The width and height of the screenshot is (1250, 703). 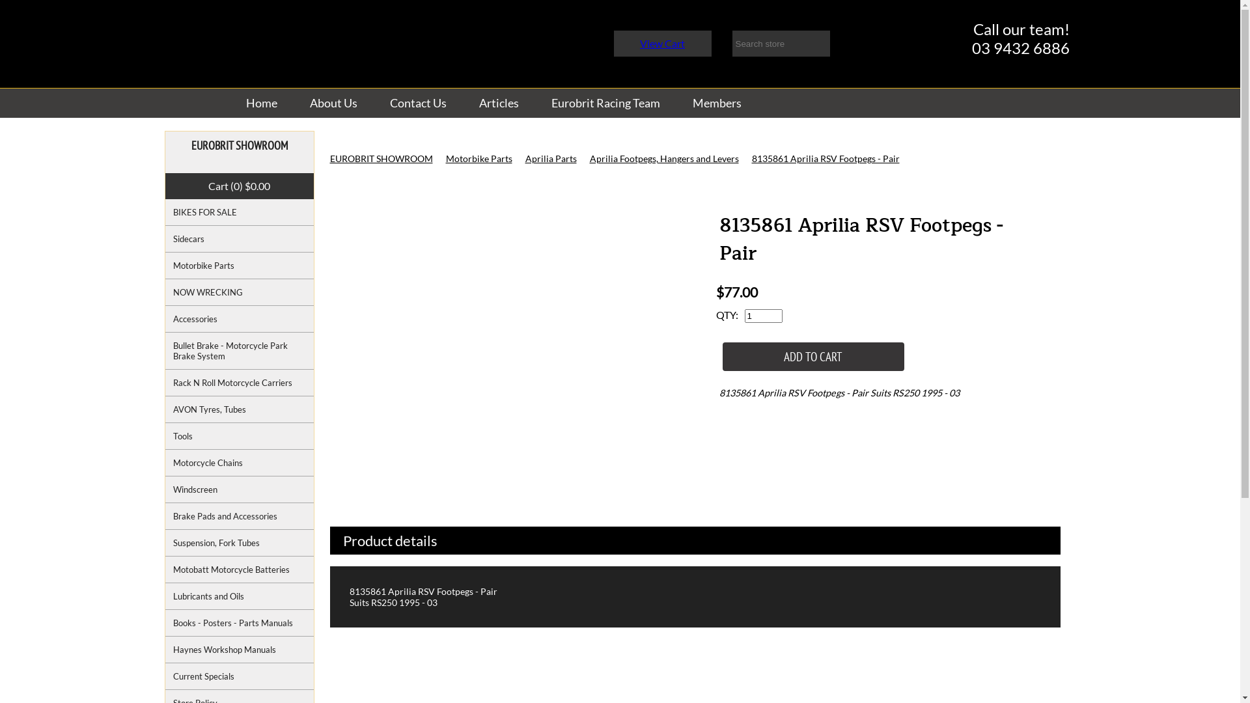 What do you see at coordinates (240, 212) in the screenshot?
I see `'BIKES FOR SALE'` at bounding box center [240, 212].